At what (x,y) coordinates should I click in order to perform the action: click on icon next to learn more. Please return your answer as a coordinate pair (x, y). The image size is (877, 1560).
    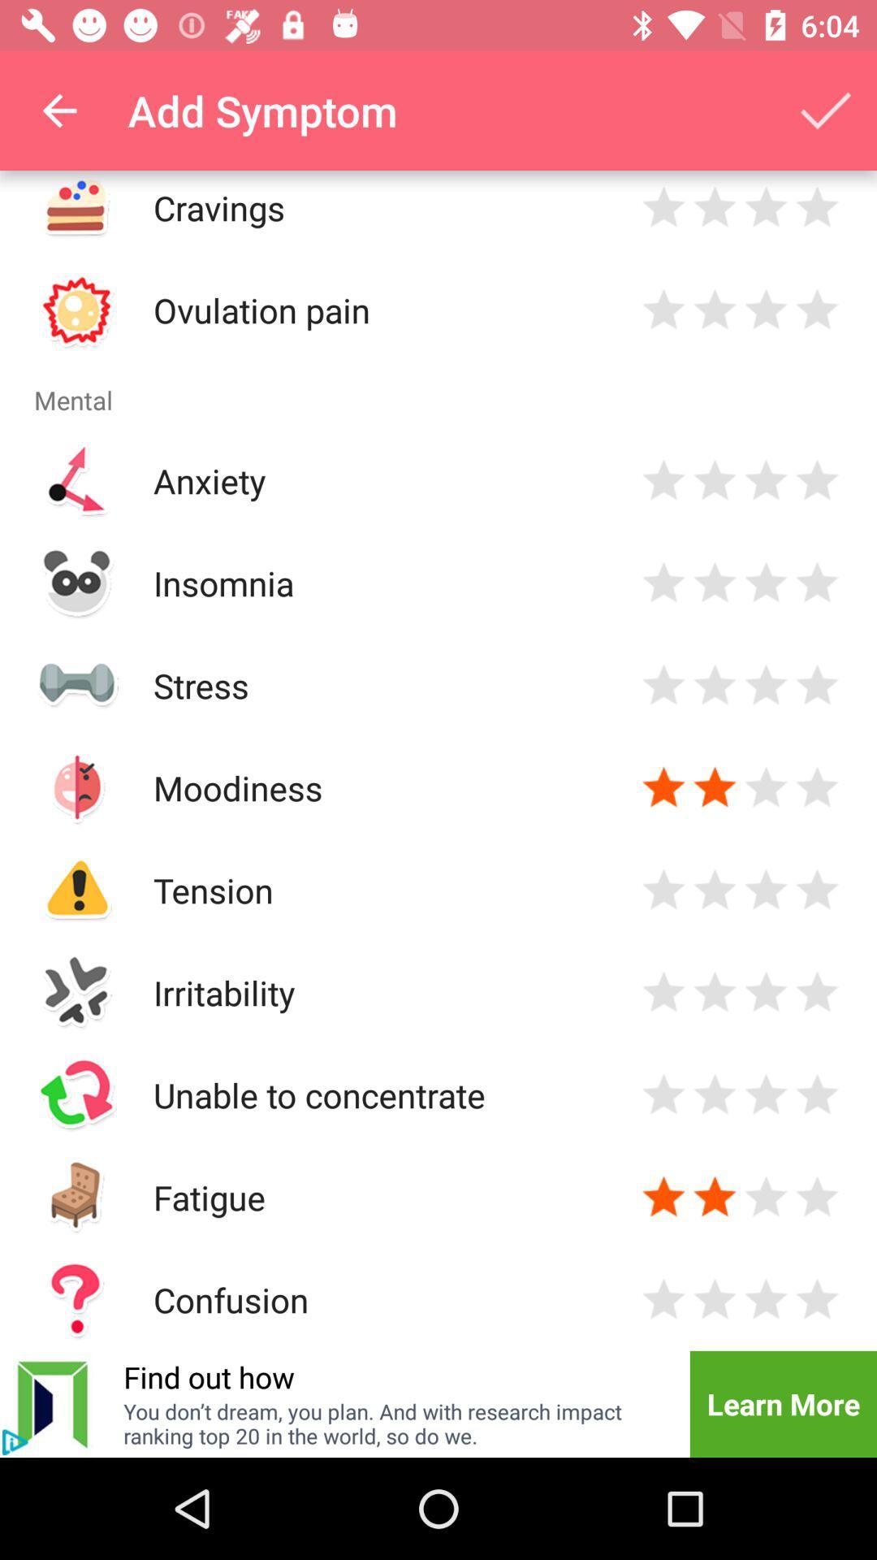
    Looking at the image, I should click on (395, 1423).